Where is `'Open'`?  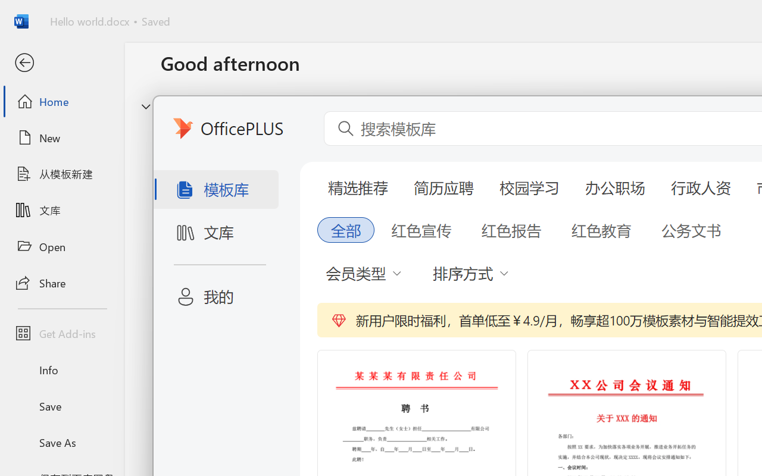 'Open' is located at coordinates (61, 246).